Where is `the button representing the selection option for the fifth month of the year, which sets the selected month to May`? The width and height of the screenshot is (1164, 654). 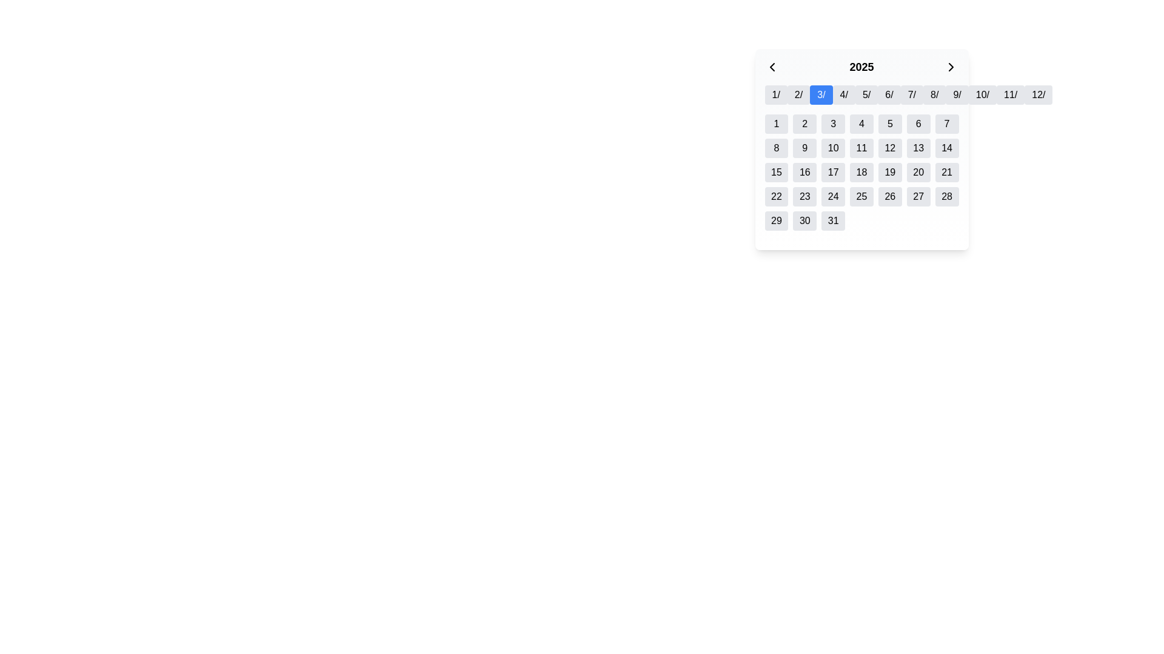
the button representing the selection option for the fifth month of the year, which sets the selected month to May is located at coordinates (866, 94).